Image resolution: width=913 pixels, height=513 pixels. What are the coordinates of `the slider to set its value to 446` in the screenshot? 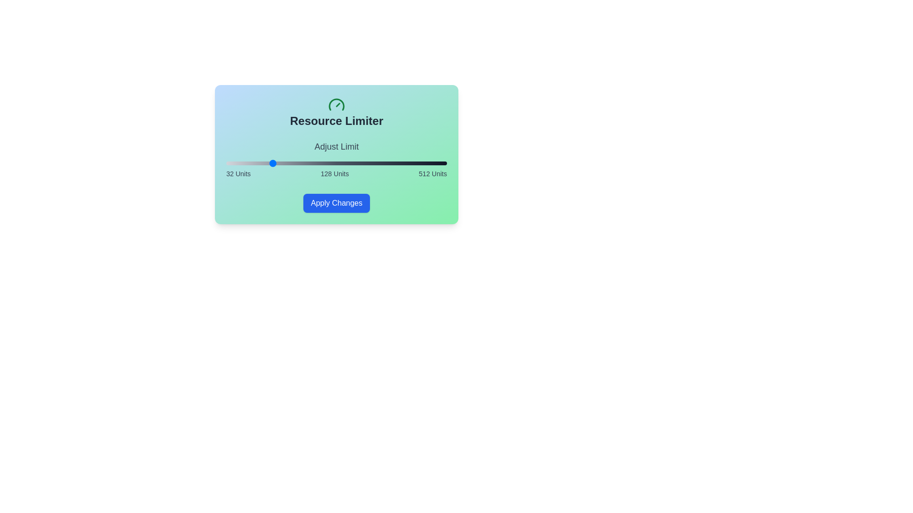 It's located at (417, 162).